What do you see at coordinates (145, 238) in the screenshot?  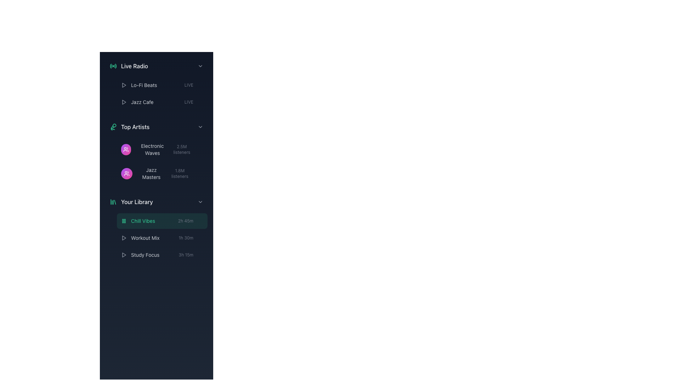 I see `text label 'Workout Mix' located in the 'Your Library' section, positioned under 'Chill Vibes' and above 'Study Focus'` at bounding box center [145, 238].